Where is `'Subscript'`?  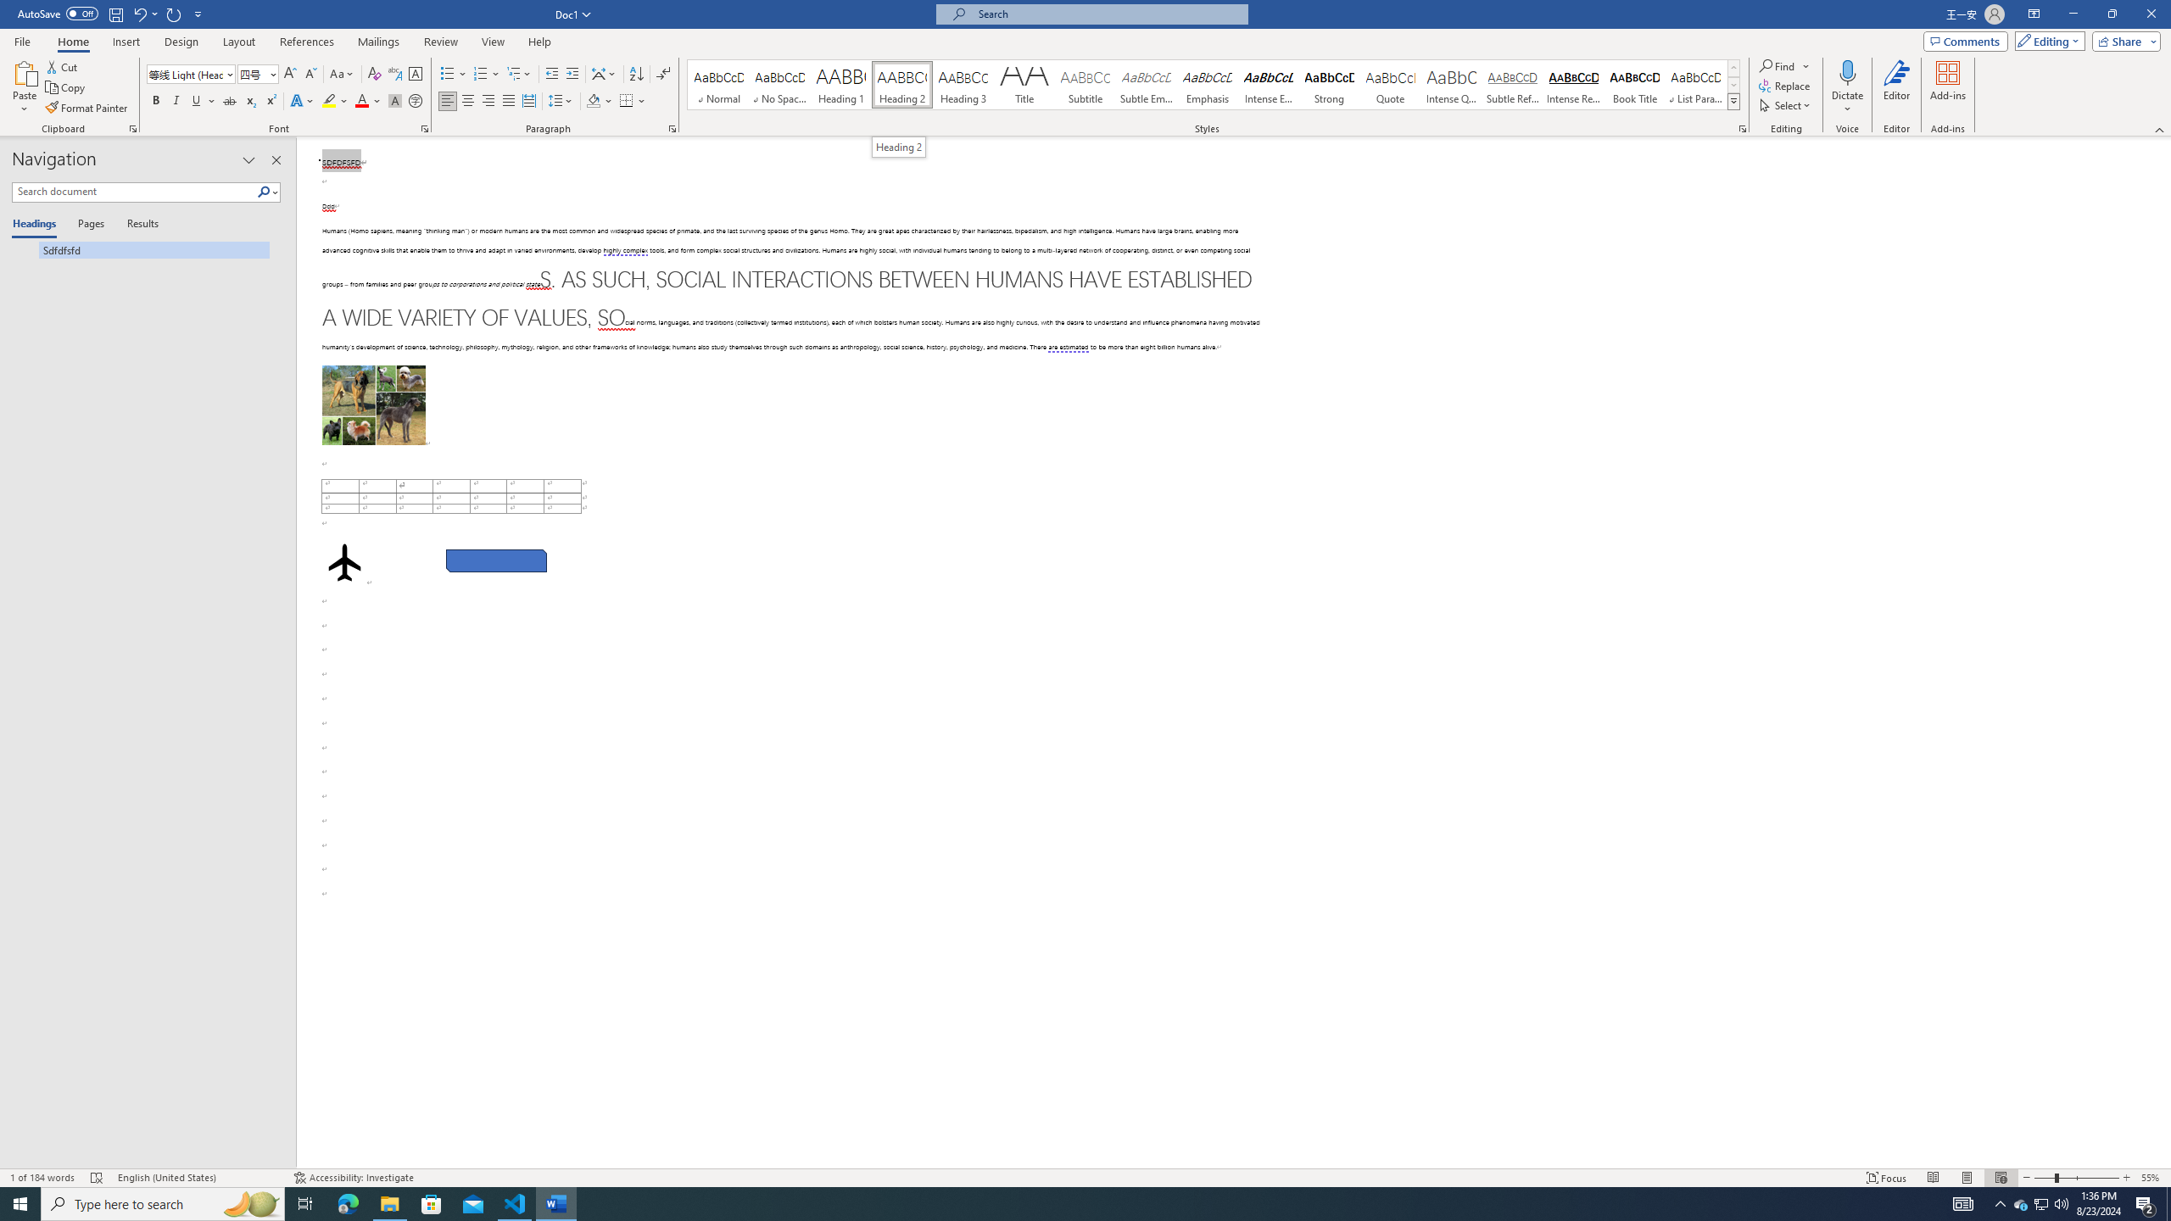
'Subscript' is located at coordinates (249, 100).